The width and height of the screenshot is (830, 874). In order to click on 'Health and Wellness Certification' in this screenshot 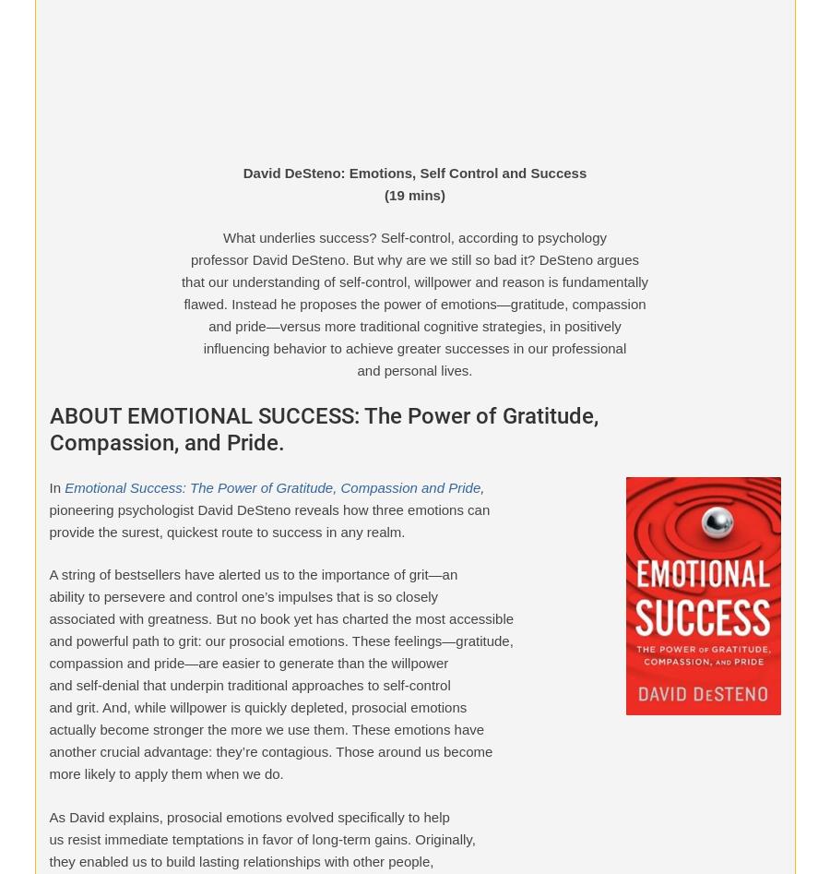, I will do `click(152, 308)`.